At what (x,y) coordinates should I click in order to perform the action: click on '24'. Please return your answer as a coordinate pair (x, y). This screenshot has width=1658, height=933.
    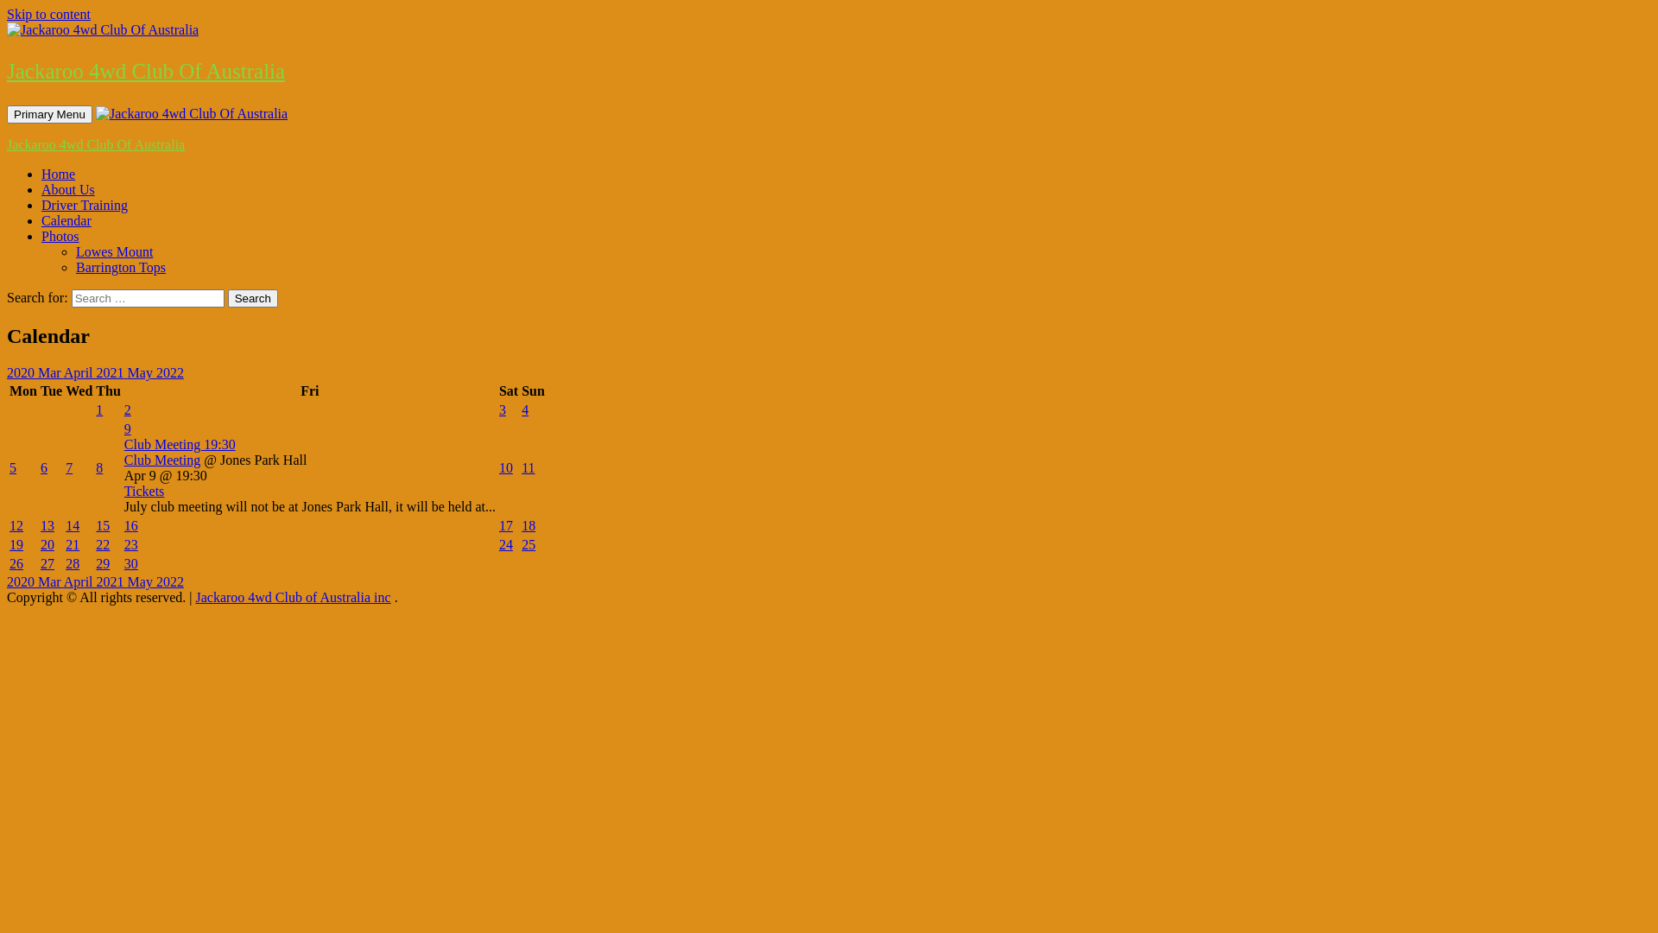
    Looking at the image, I should click on (504, 544).